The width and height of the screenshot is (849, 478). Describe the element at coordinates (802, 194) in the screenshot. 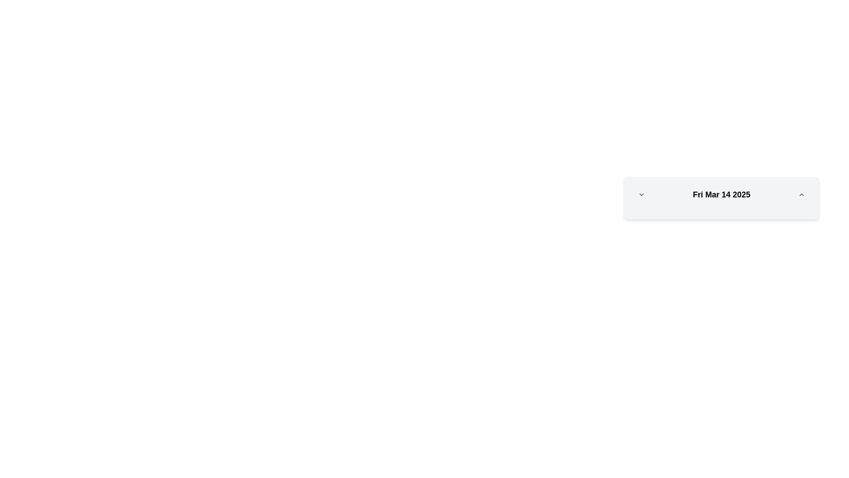

I see `the upward-pointing chevron icon located to the far right of the date display ('Fri Mar 14 2025')` at that location.